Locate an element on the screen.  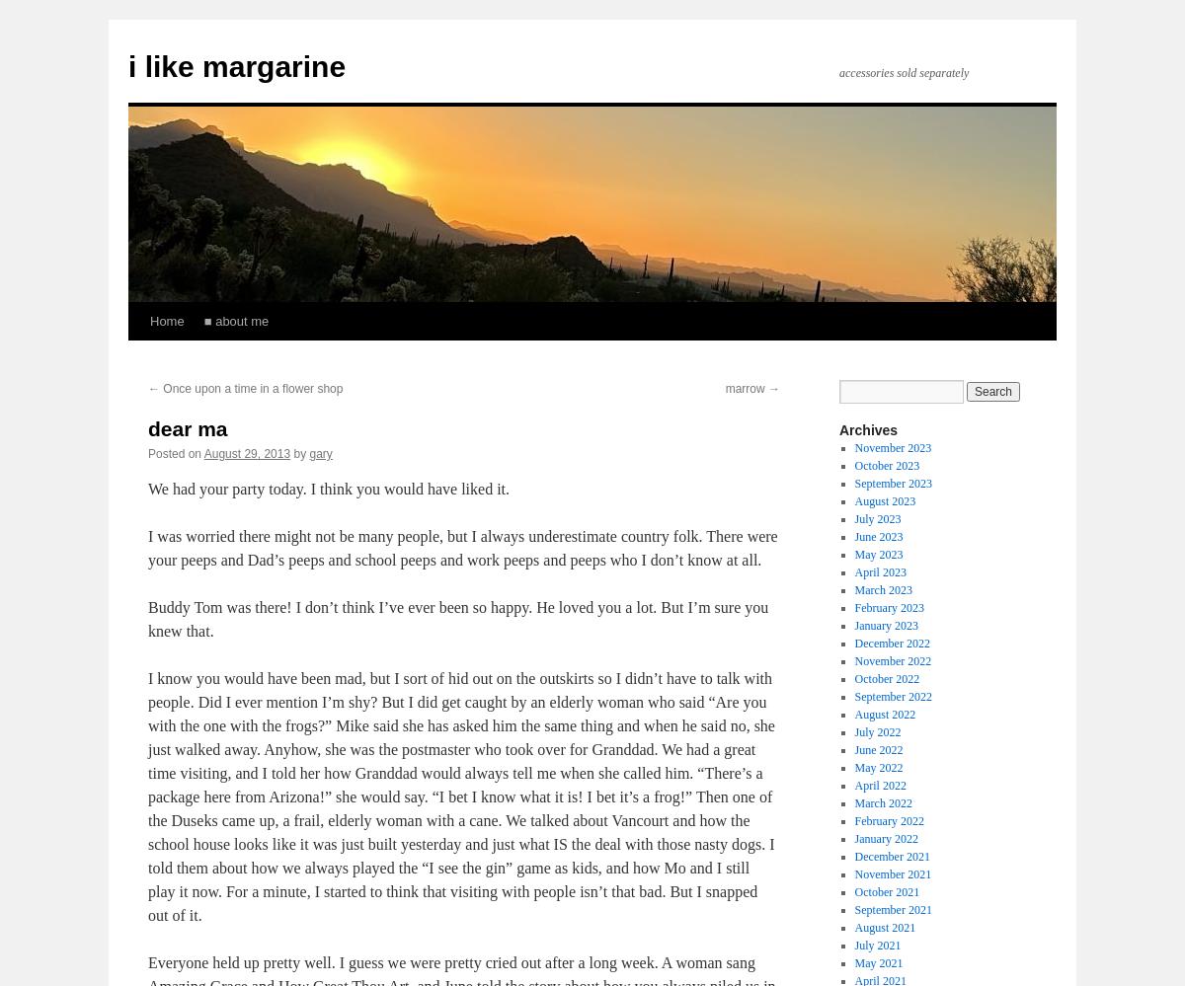
'marrow' is located at coordinates (746, 388).